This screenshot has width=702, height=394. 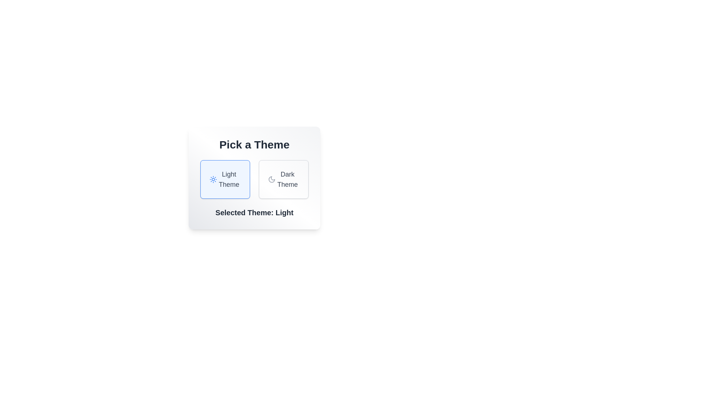 I want to click on displayed static text element that shows 'Selected Theme: Light', which is located at the bottom of the card section under the heading 'Pick a Theme', so click(x=254, y=212).